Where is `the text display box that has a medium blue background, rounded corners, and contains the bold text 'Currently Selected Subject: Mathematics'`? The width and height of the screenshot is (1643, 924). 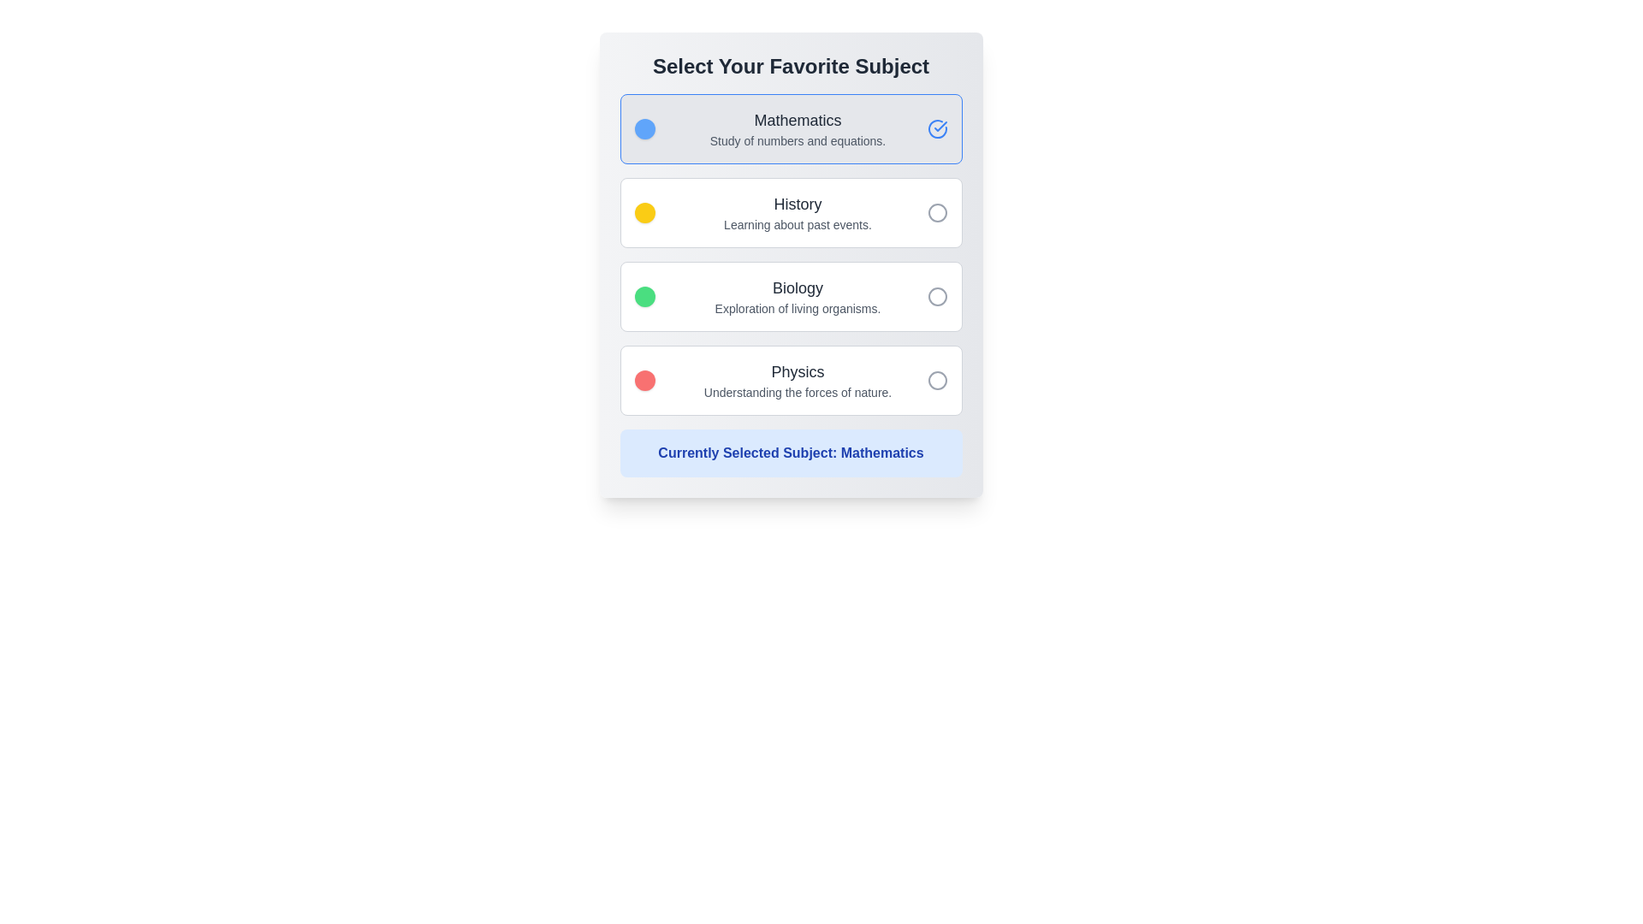
the text display box that has a medium blue background, rounded corners, and contains the bold text 'Currently Selected Subject: Mathematics' is located at coordinates (790, 452).